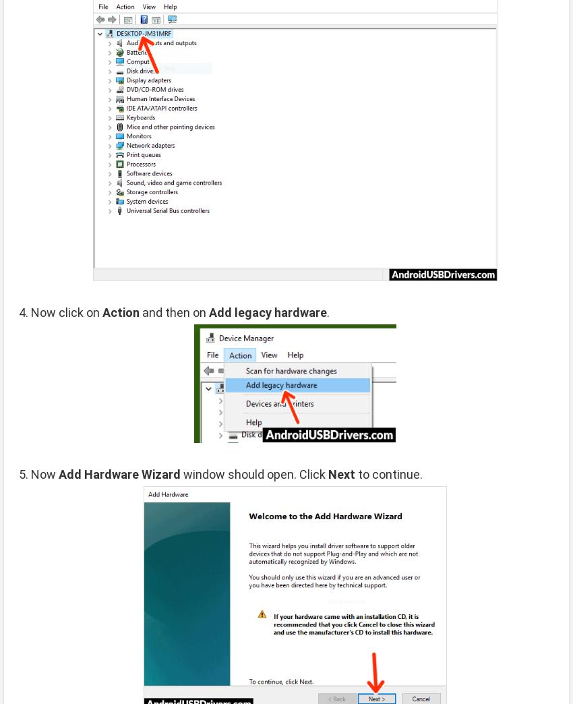 Image resolution: width=573 pixels, height=704 pixels. Describe the element at coordinates (355, 473) in the screenshot. I see `'to continue.'` at that location.